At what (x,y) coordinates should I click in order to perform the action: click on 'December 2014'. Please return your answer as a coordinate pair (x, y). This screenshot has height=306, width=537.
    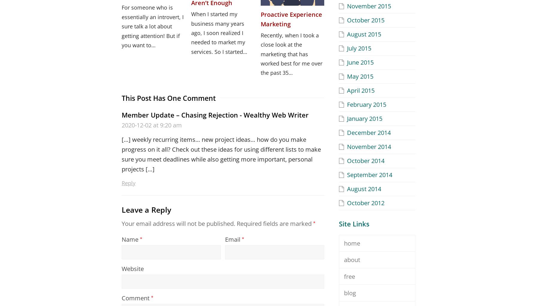
    Looking at the image, I should click on (369, 132).